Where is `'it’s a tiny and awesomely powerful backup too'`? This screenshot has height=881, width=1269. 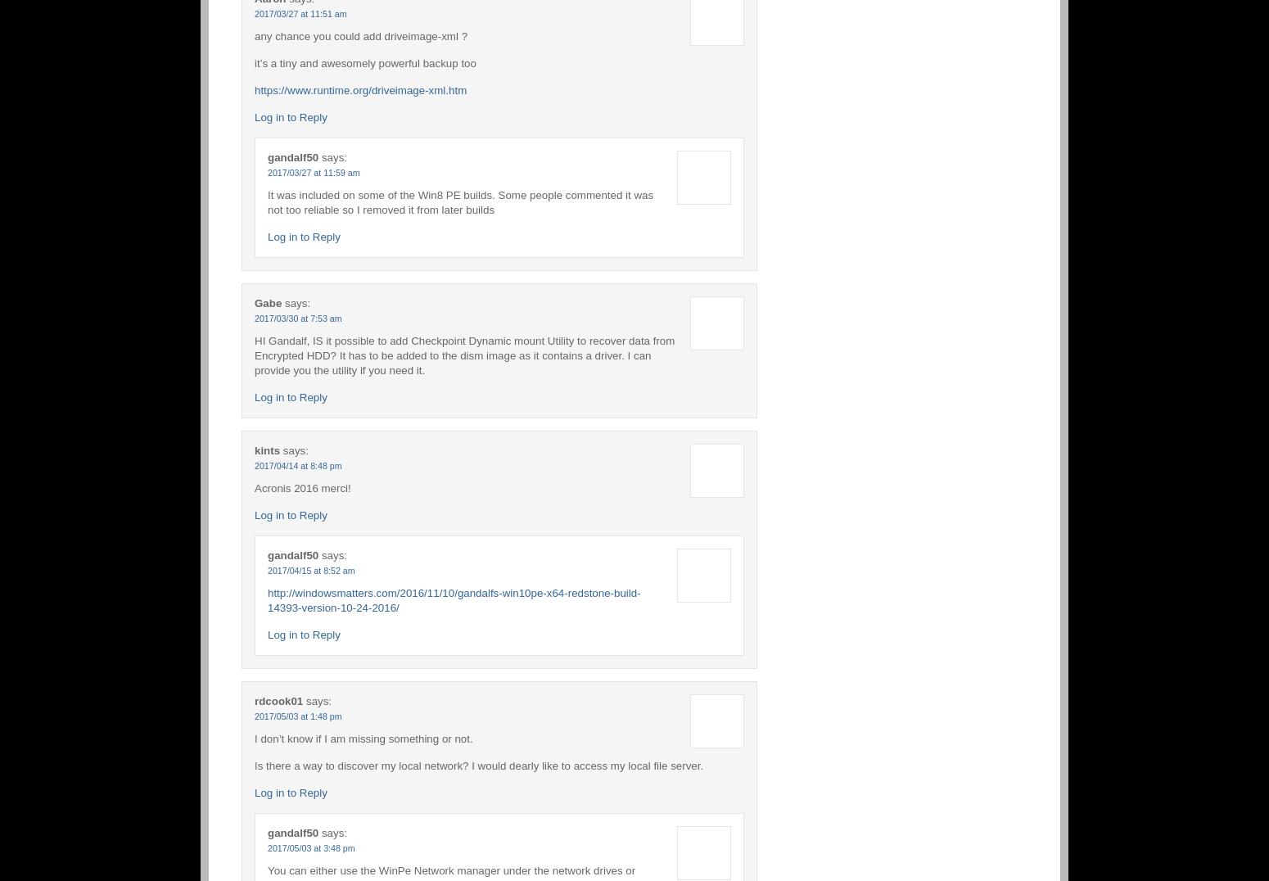
'it’s a tiny and awesomely powerful backup too' is located at coordinates (254, 62).